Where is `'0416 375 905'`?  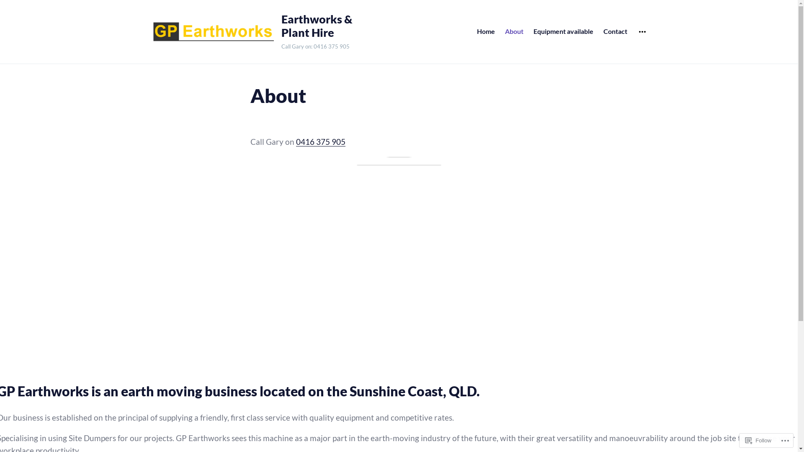 '0416 375 905' is located at coordinates (320, 141).